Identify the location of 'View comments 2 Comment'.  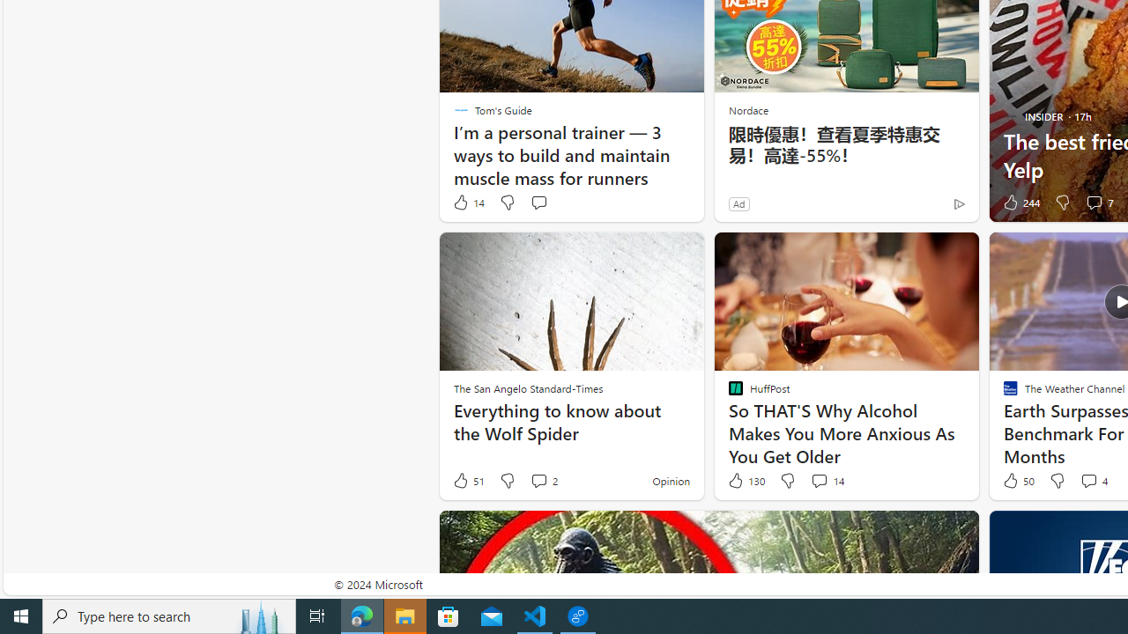
(542, 481).